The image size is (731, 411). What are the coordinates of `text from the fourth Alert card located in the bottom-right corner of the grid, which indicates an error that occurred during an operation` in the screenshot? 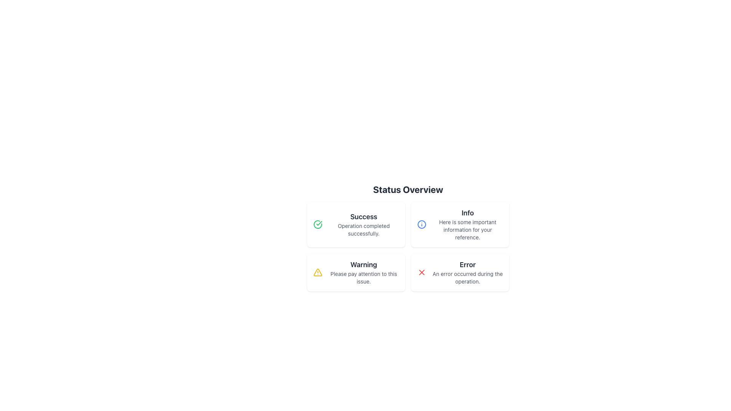 It's located at (467, 272).